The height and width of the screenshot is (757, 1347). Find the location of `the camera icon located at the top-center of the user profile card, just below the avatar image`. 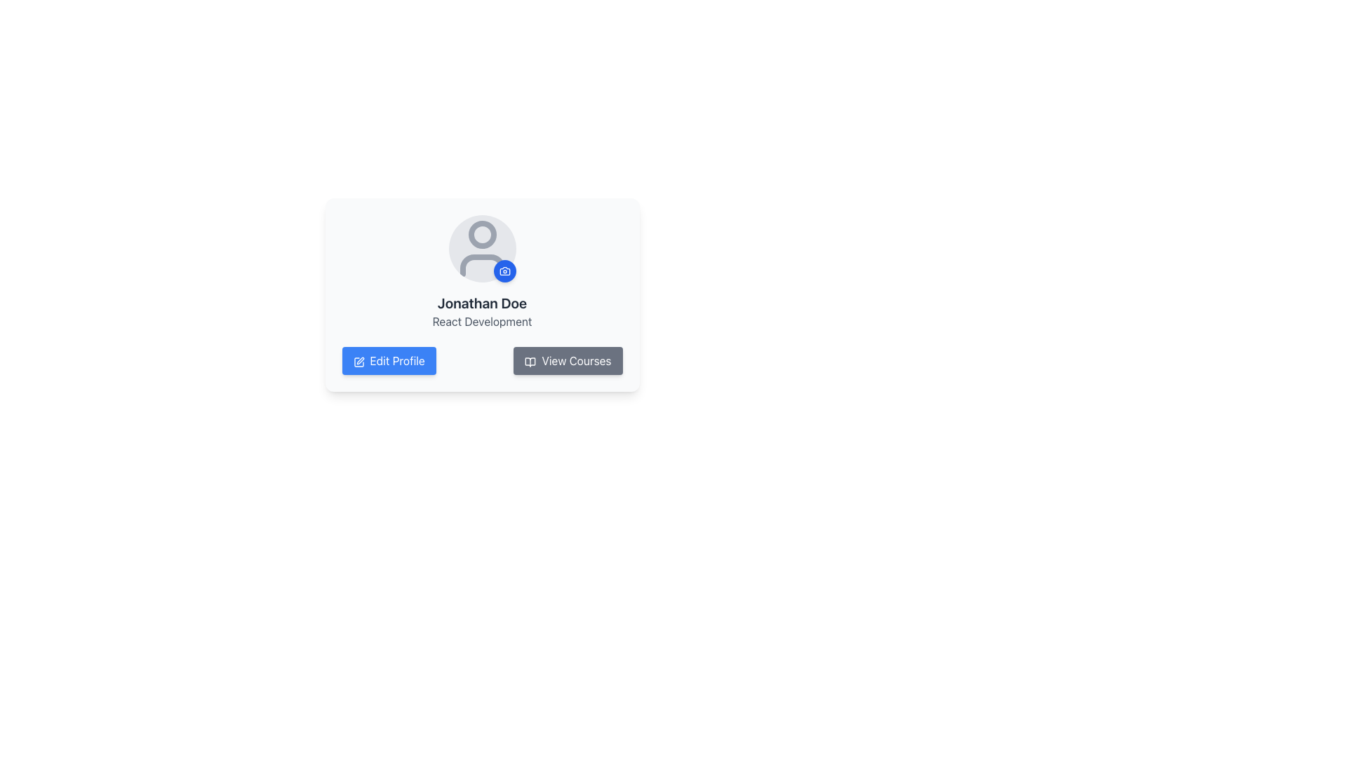

the camera icon located at the top-center of the user profile card, just below the avatar image is located at coordinates (504, 271).